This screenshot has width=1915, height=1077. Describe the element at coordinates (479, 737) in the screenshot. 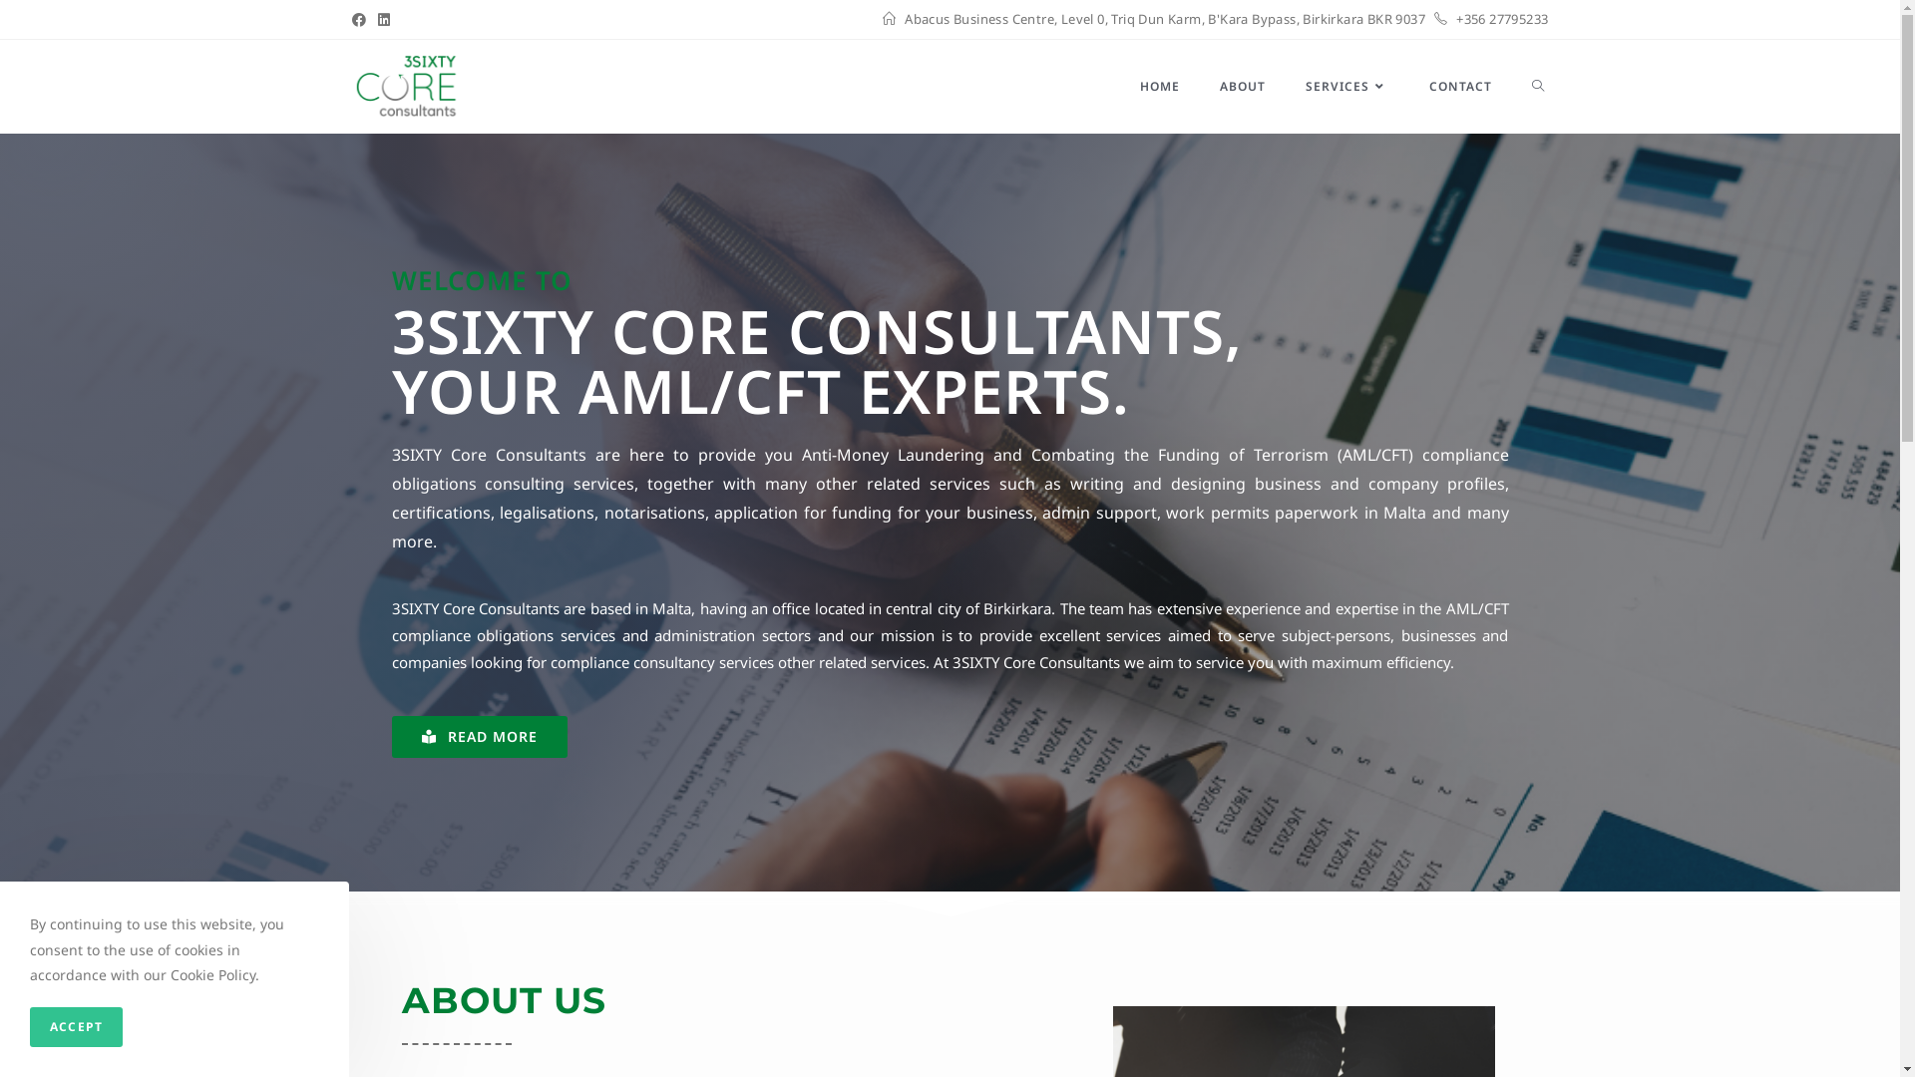

I see `'READ MORE'` at that location.